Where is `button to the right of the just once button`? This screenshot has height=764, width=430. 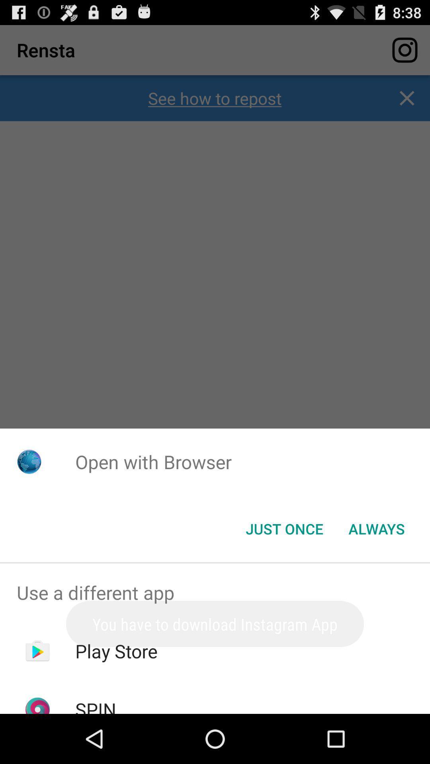 button to the right of the just once button is located at coordinates (376, 529).